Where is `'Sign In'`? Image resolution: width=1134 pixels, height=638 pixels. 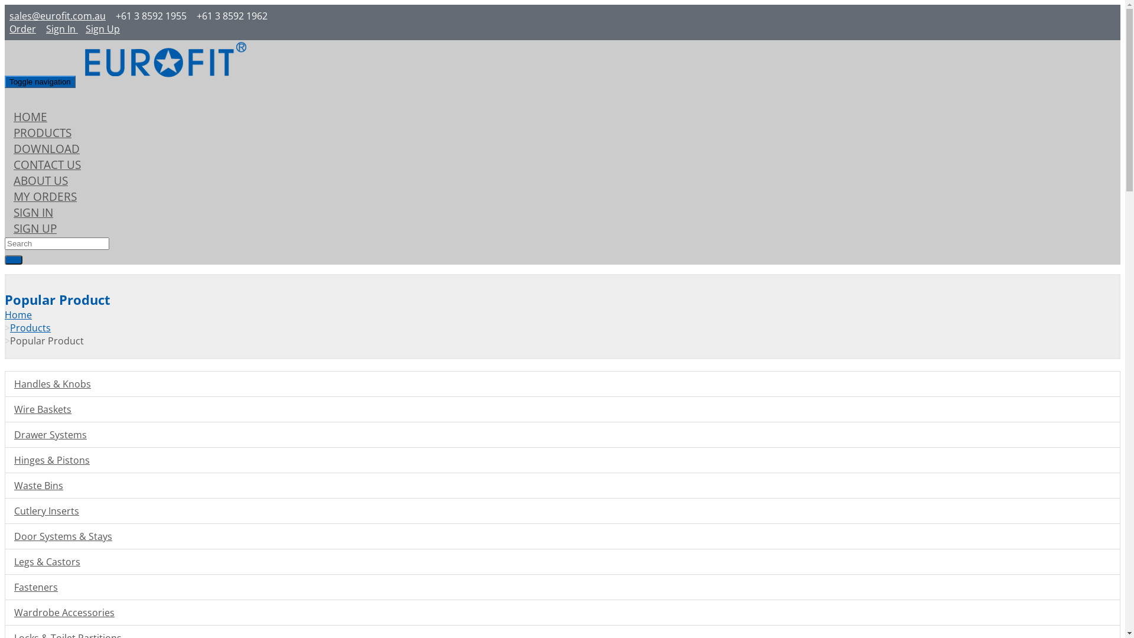 'Sign In' is located at coordinates (60, 28).